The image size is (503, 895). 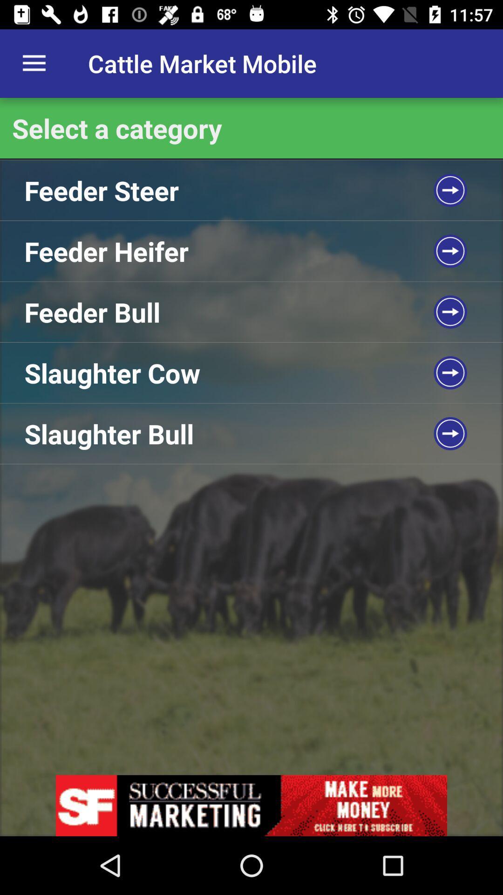 I want to click on details about advertisement, so click(x=251, y=805).